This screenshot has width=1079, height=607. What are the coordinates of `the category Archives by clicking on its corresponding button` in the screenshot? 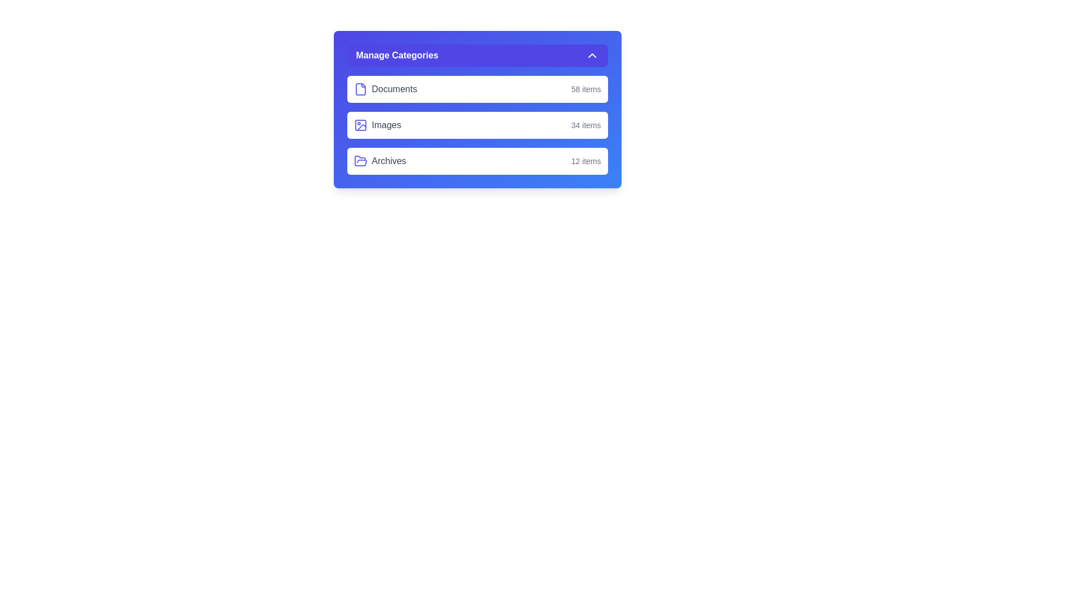 It's located at (477, 161).